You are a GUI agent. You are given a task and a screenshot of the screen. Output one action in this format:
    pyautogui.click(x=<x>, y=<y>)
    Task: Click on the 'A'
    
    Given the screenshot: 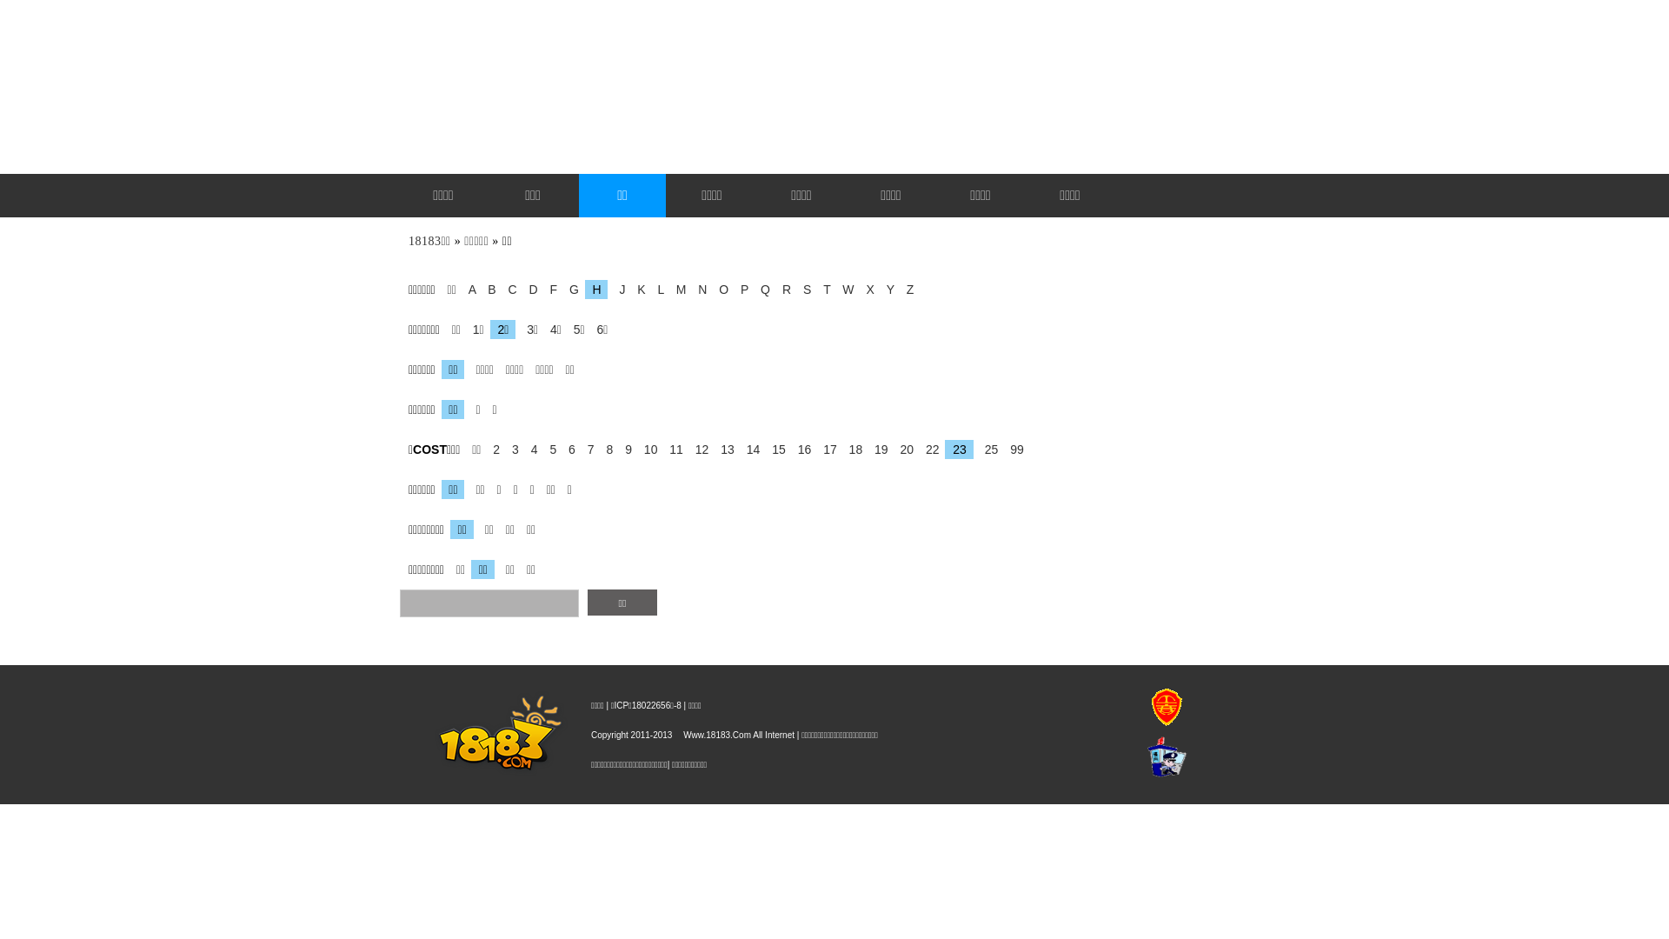 What is the action you would take?
    pyautogui.click(x=468, y=288)
    